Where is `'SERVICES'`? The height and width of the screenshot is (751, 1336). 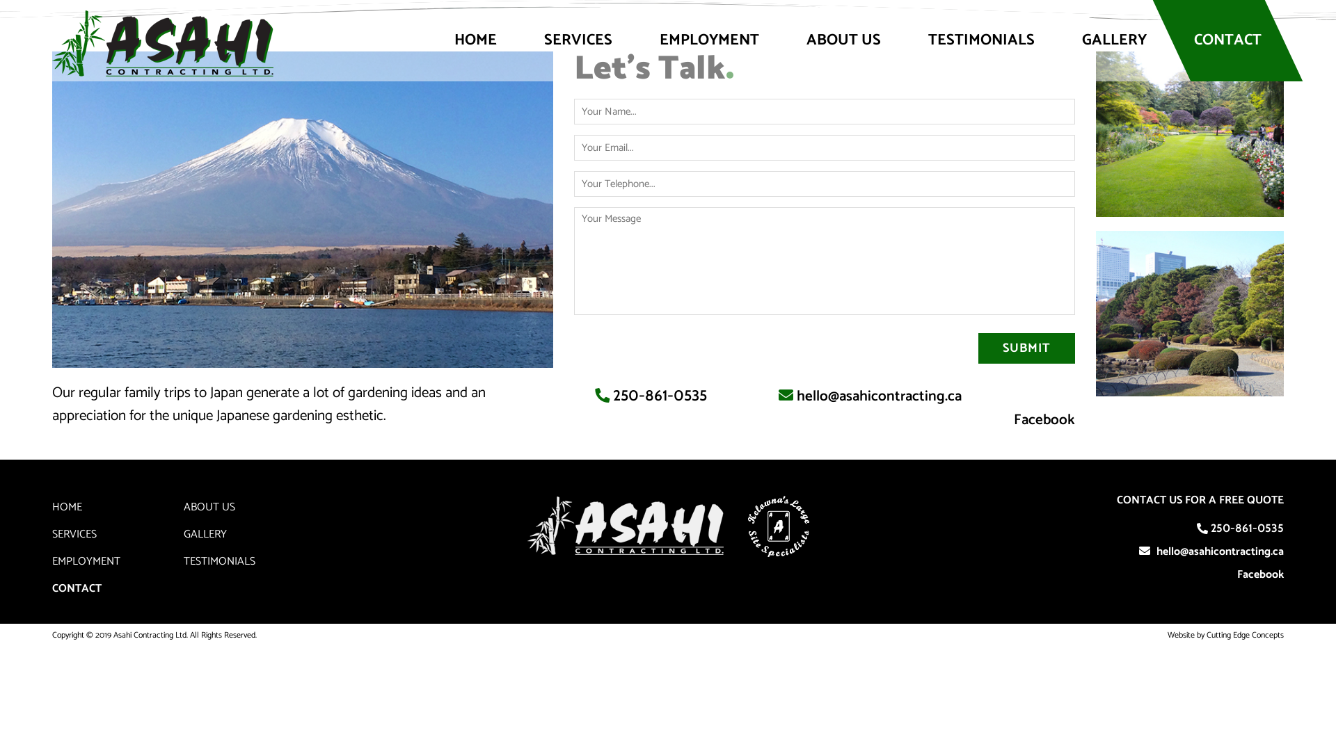 'SERVICES' is located at coordinates (578, 40).